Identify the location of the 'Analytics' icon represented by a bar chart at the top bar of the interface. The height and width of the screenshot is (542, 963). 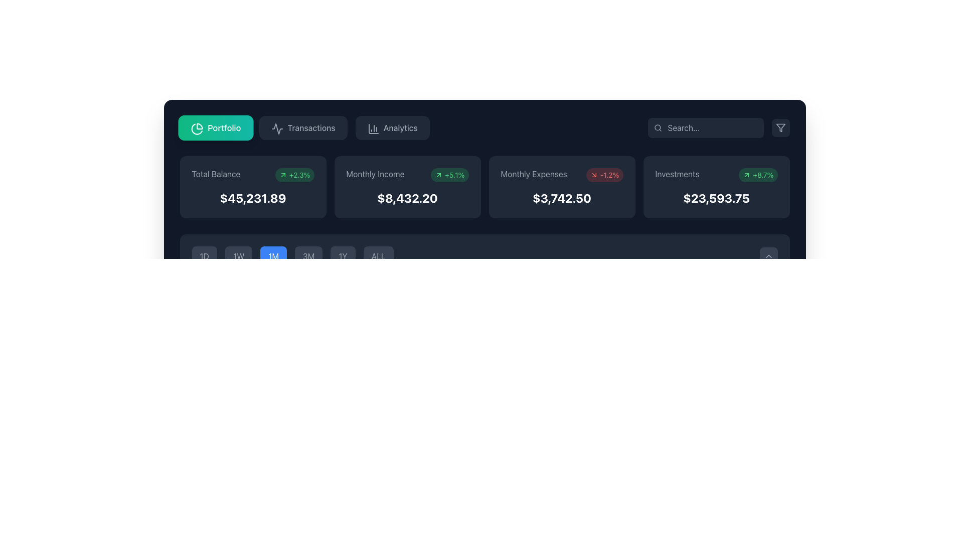
(373, 128).